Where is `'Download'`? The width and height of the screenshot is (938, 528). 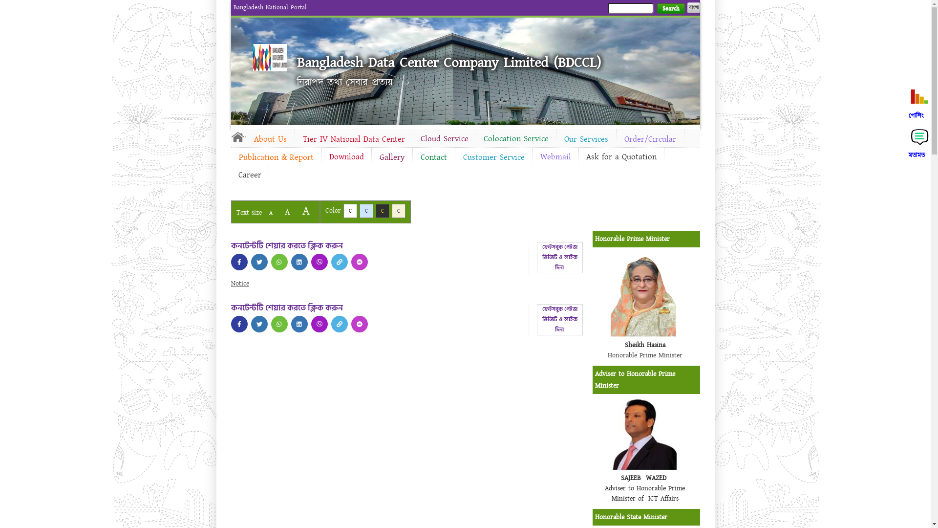 'Download' is located at coordinates (321, 156).